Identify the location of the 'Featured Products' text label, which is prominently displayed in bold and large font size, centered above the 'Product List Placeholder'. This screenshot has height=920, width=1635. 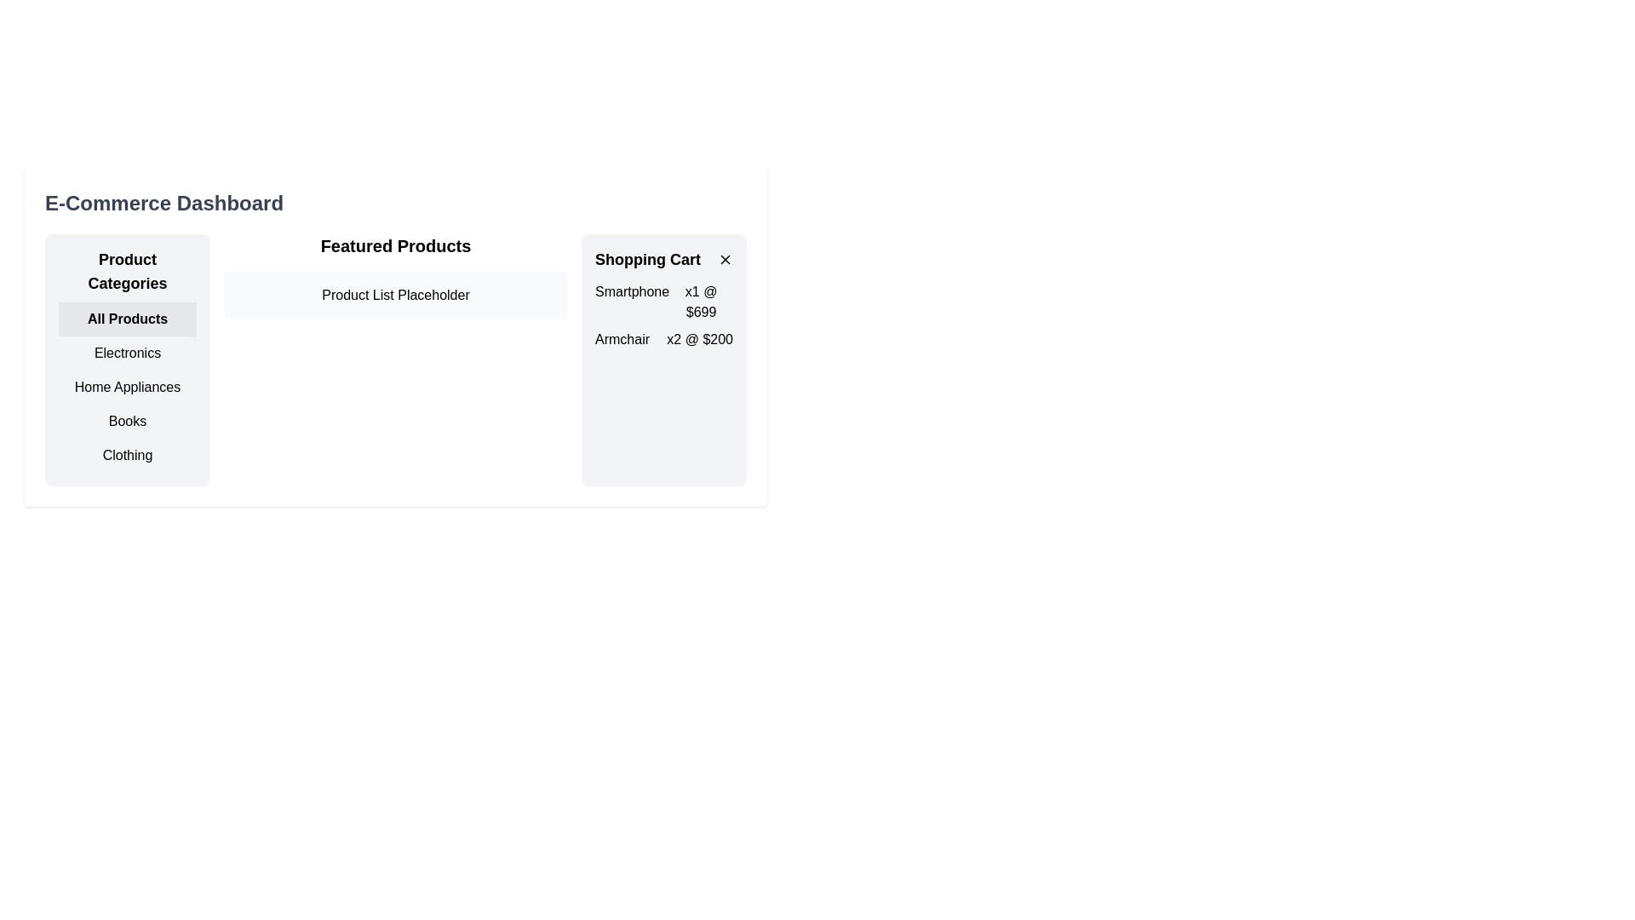
(395, 246).